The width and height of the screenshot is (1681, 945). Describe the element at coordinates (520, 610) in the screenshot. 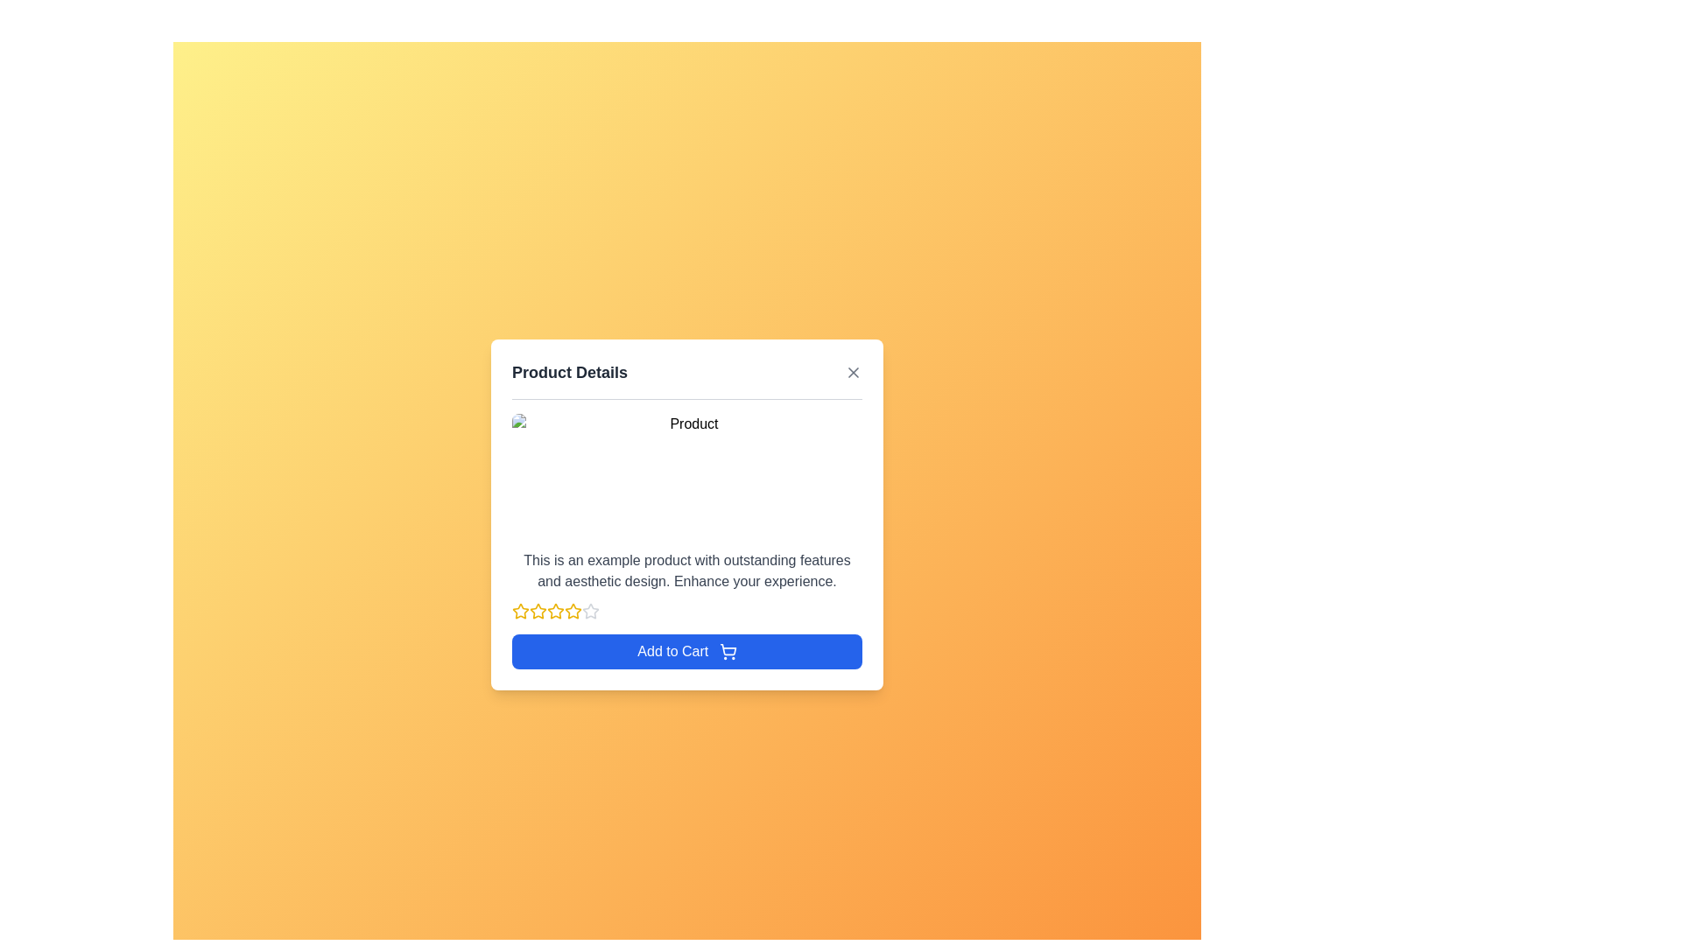

I see `the first rating star in the sequence of five stars` at that location.